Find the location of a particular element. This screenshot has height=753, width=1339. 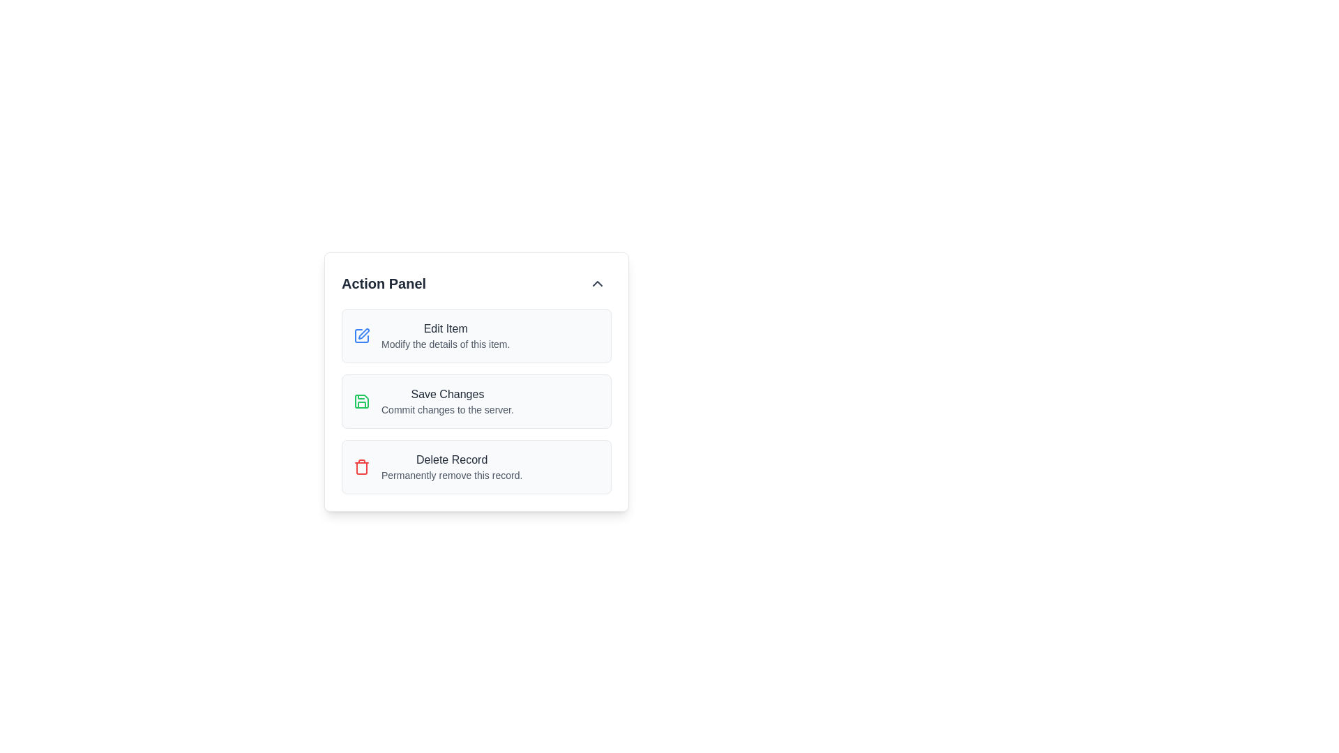

the chevron up icon located at the top-right corner of the 'Action Panel' is located at coordinates (598, 283).